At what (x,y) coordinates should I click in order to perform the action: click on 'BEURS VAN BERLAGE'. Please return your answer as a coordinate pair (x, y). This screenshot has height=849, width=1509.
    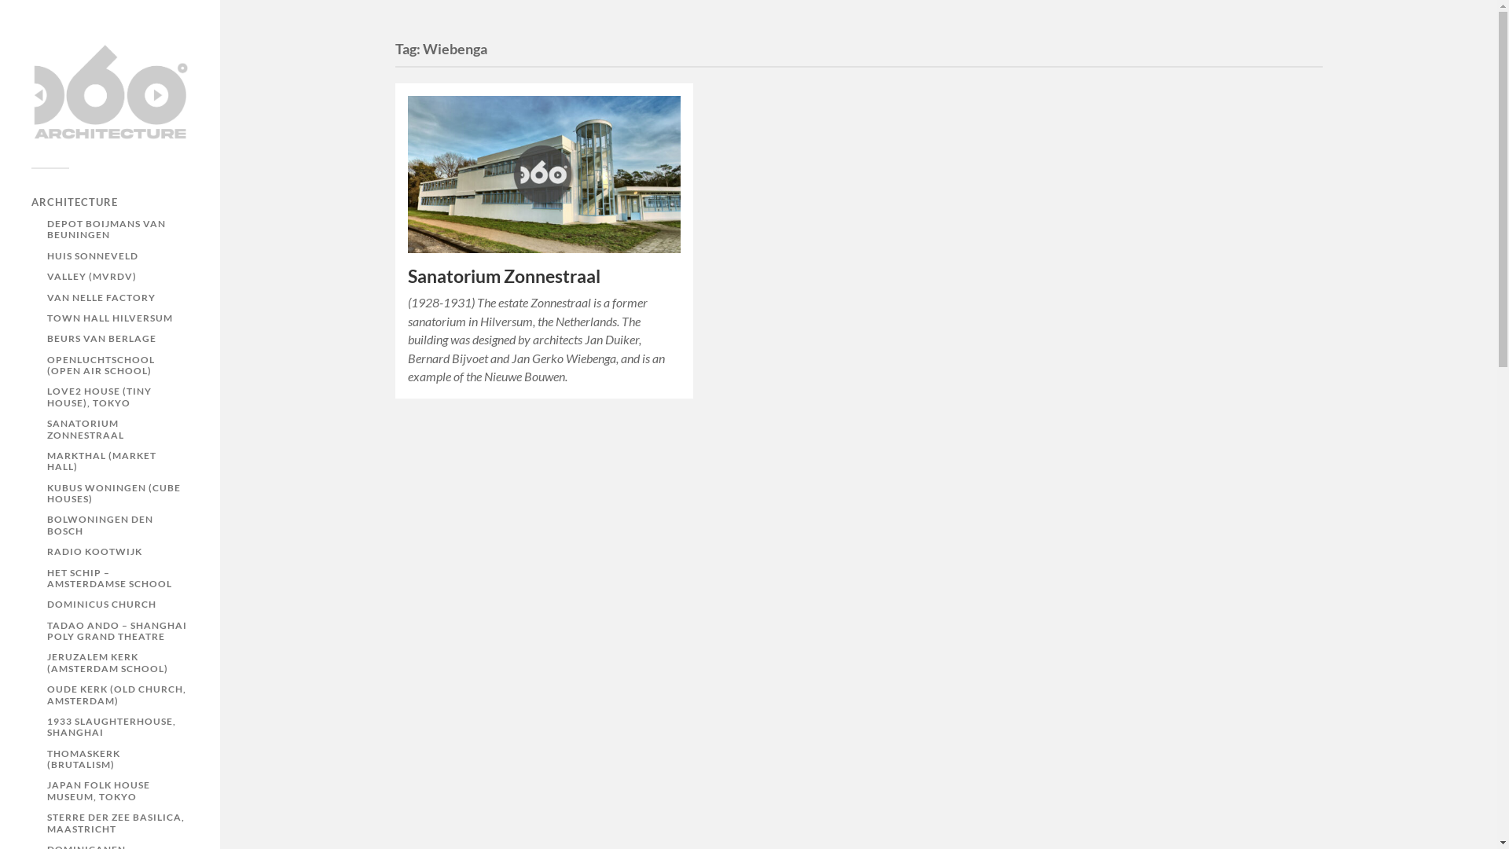
    Looking at the image, I should click on (101, 337).